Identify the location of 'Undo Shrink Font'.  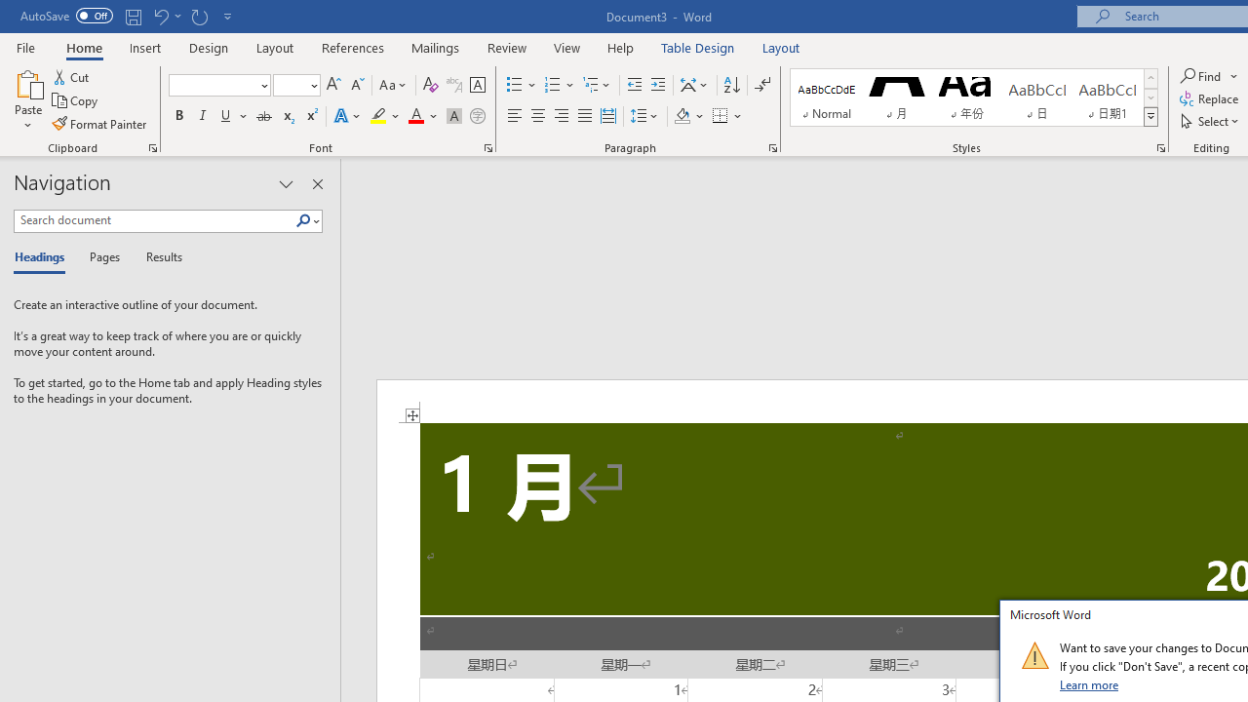
(160, 16).